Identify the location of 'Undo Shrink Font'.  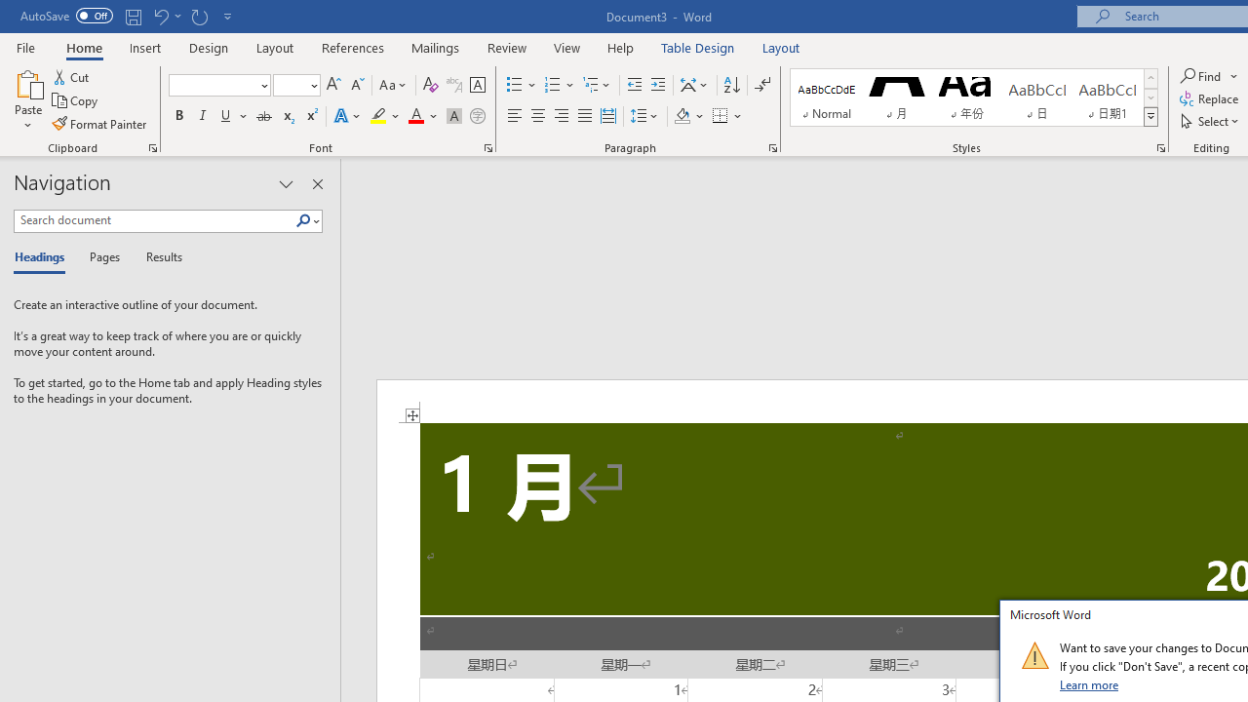
(160, 16).